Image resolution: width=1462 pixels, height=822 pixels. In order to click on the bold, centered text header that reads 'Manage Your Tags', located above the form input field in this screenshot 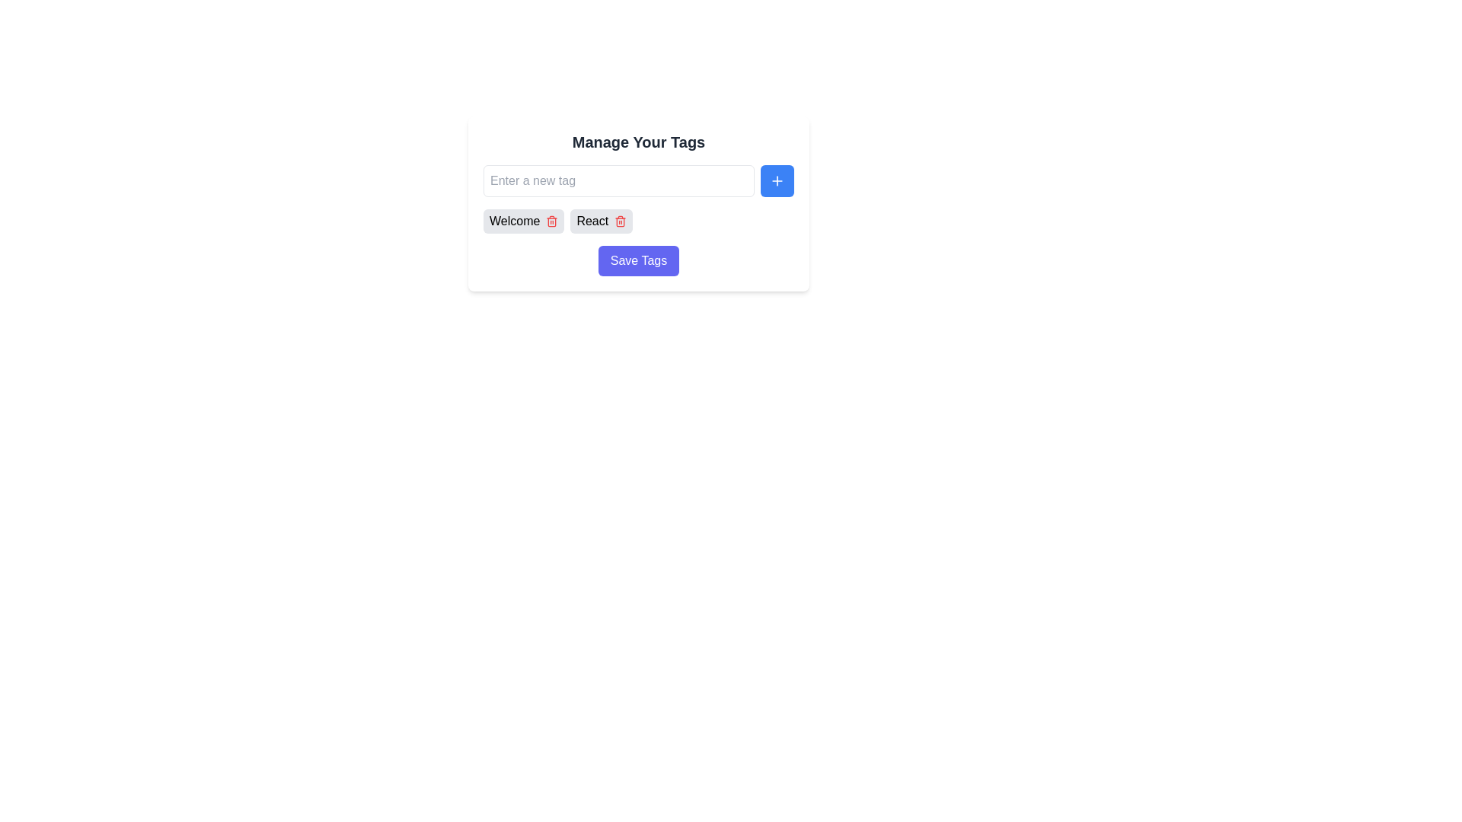, I will do `click(639, 142)`.